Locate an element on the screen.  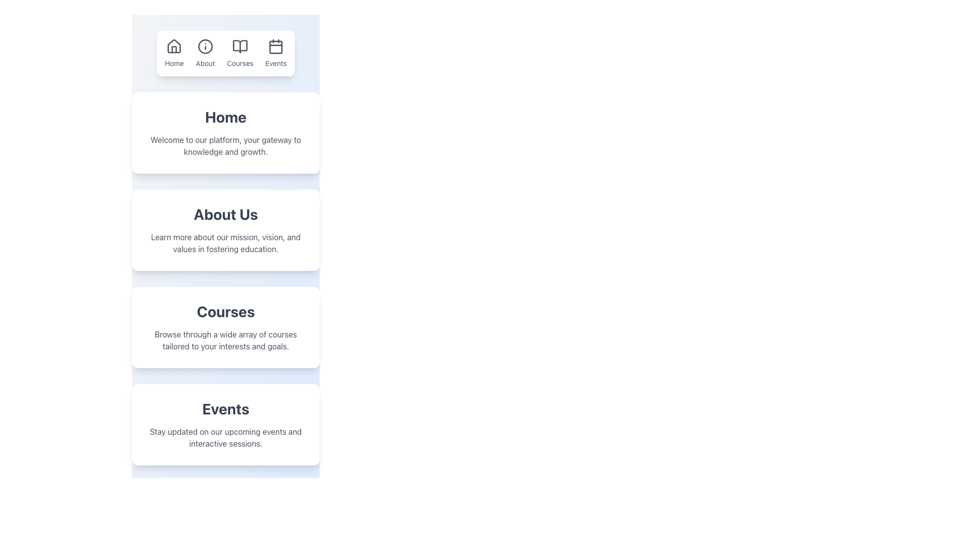
the 'Courses' text label, which is displayed in a small font size in grayish color, located below the open book icon in the third navigation item of the horizontal navigation bar is located at coordinates (240, 63).